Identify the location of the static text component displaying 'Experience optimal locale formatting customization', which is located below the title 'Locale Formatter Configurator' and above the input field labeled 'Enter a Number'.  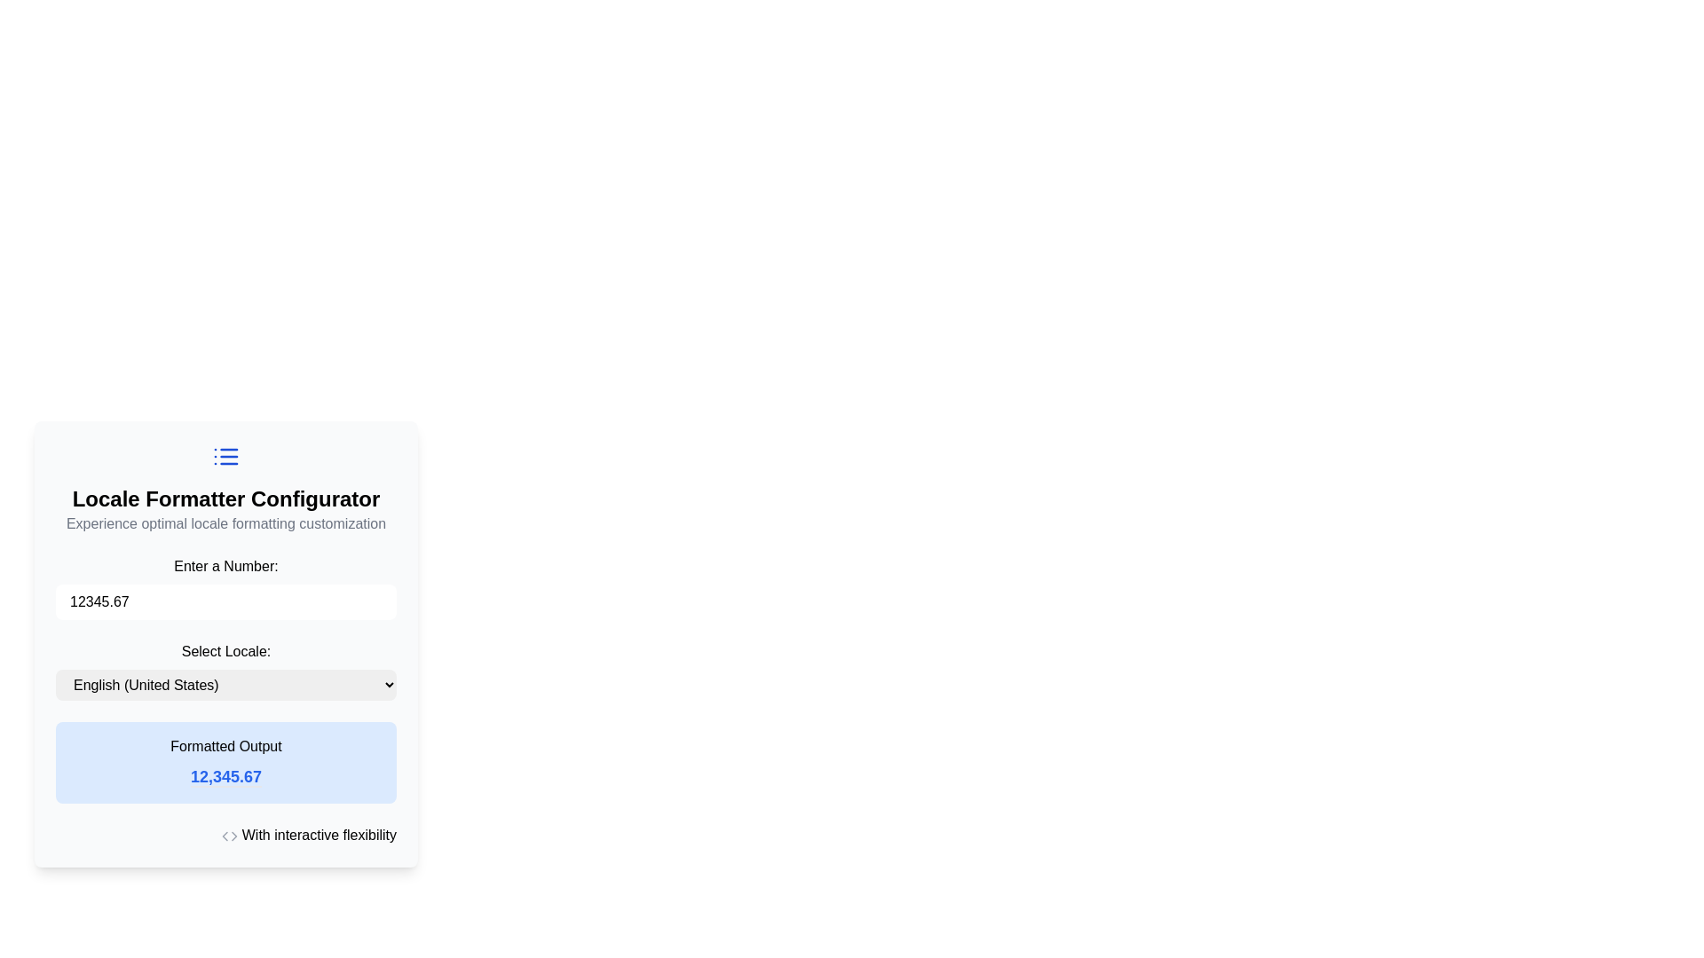
(225, 522).